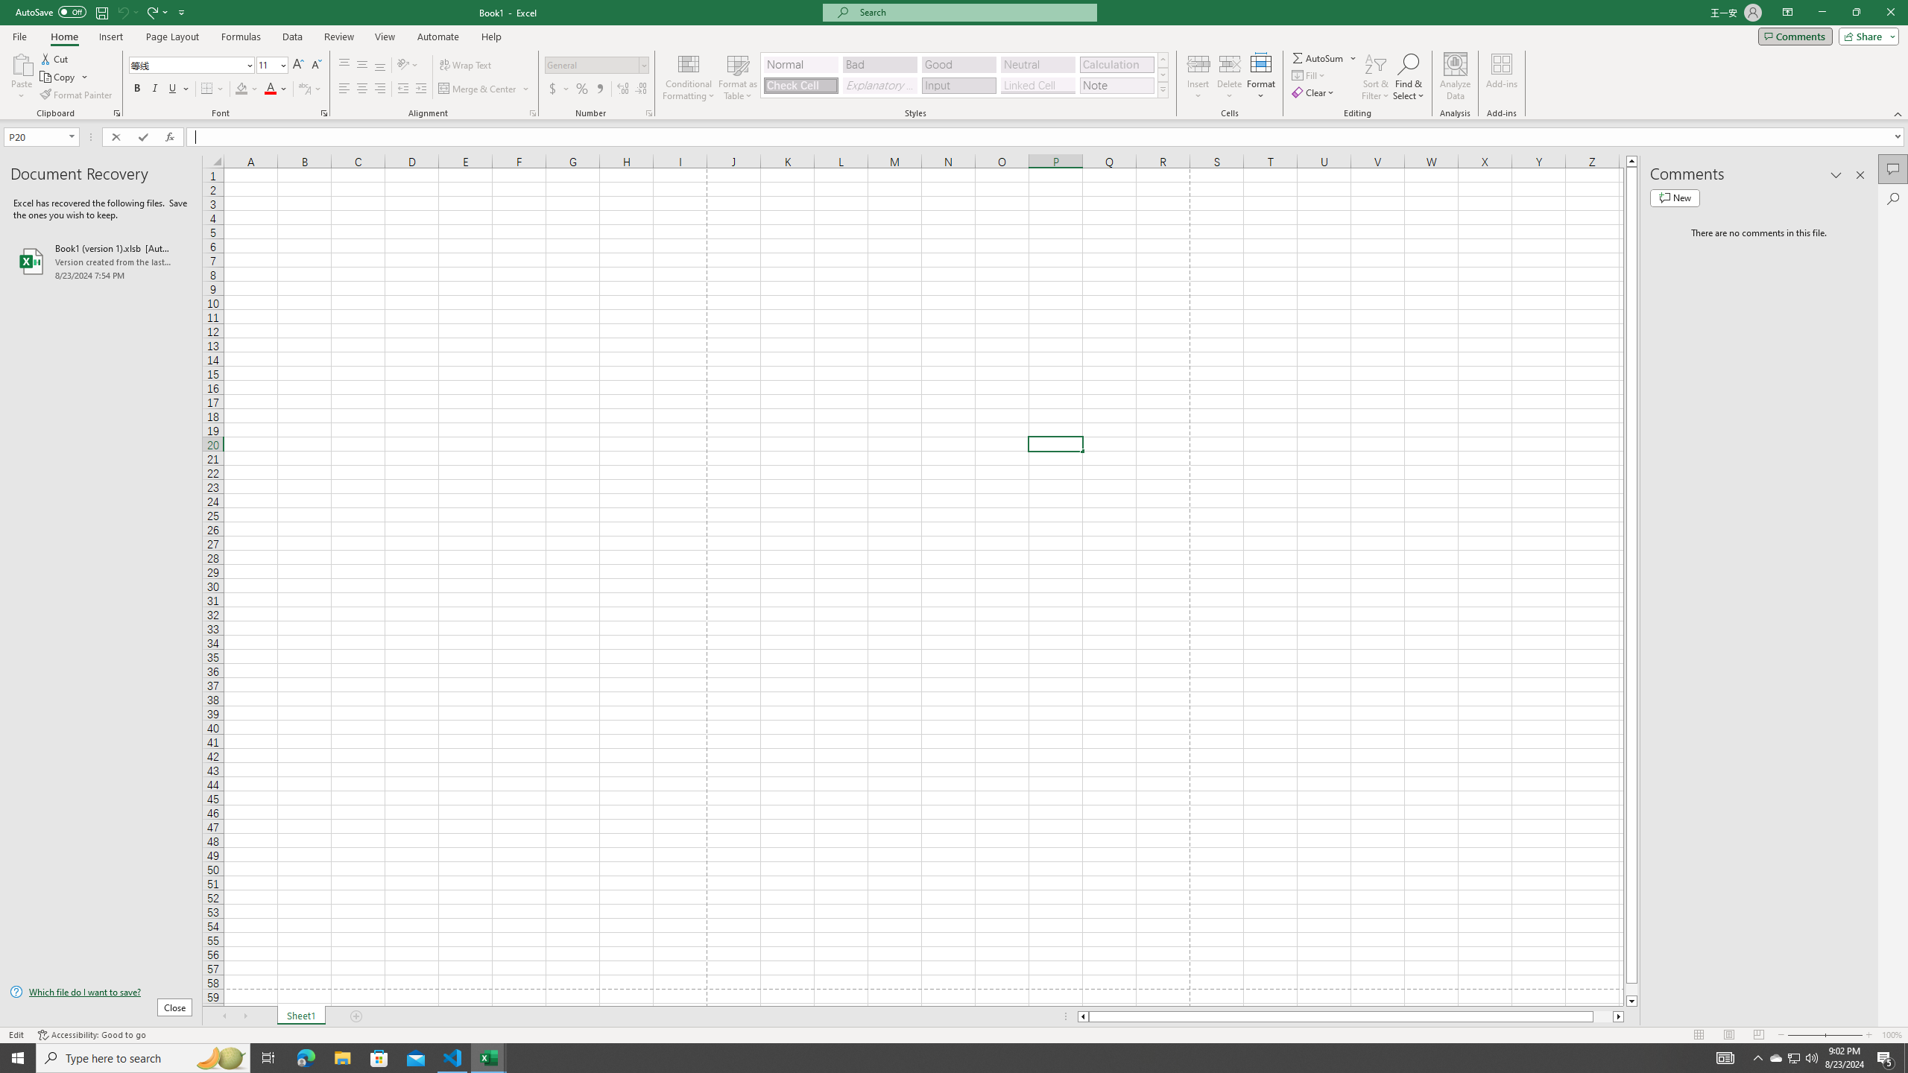 This screenshot has width=1908, height=1073. What do you see at coordinates (358, 1016) in the screenshot?
I see `'Add Sheet'` at bounding box center [358, 1016].